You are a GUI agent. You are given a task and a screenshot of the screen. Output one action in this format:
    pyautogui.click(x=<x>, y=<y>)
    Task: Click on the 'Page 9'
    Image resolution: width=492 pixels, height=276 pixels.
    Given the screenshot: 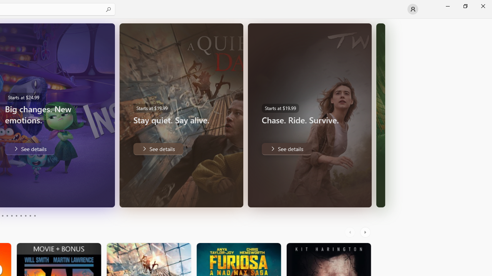 What is the action you would take?
    pyautogui.click(x=30, y=216)
    